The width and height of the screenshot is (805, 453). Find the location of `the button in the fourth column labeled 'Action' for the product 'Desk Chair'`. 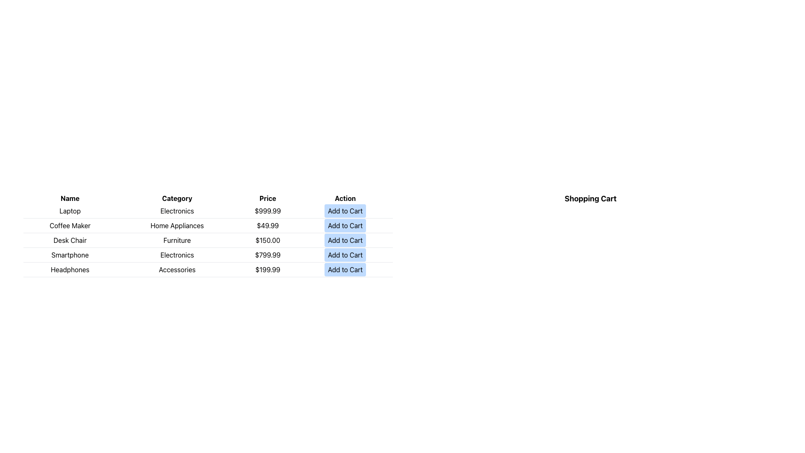

the button in the fourth column labeled 'Action' for the product 'Desk Chair' is located at coordinates (345, 240).